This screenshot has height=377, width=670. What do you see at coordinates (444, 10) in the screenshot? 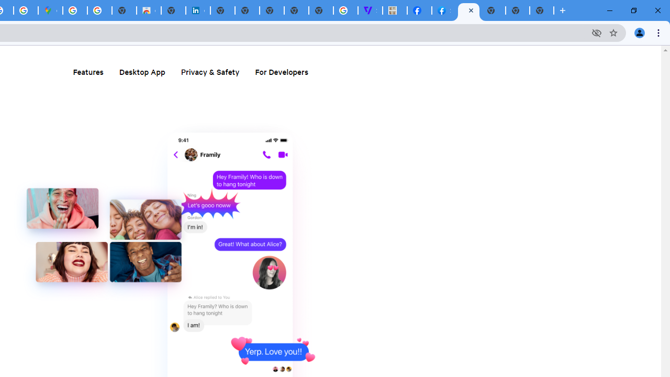
I see `'Sign Up for Facebook'` at bounding box center [444, 10].